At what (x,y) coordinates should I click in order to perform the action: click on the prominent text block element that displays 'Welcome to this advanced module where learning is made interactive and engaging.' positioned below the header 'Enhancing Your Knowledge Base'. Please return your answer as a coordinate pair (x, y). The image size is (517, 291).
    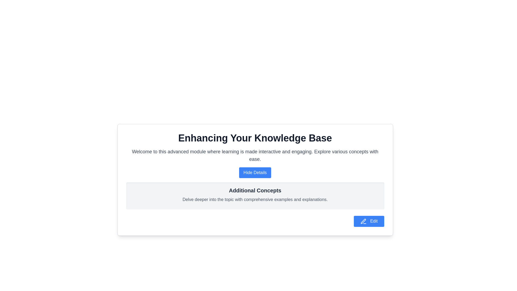
    Looking at the image, I should click on (255, 155).